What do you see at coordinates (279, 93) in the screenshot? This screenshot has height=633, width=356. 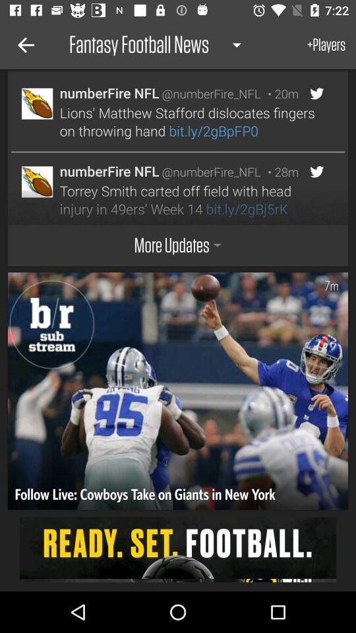 I see `icon next to @numberfire_nfl icon` at bounding box center [279, 93].